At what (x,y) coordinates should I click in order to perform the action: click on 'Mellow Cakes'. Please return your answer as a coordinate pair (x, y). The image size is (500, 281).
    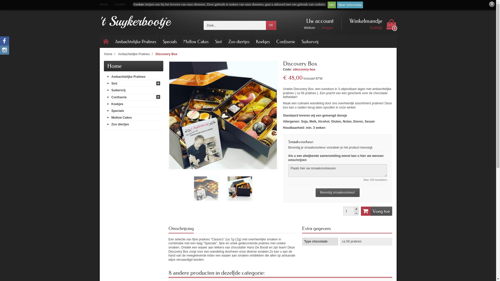
    Looking at the image, I should click on (121, 117).